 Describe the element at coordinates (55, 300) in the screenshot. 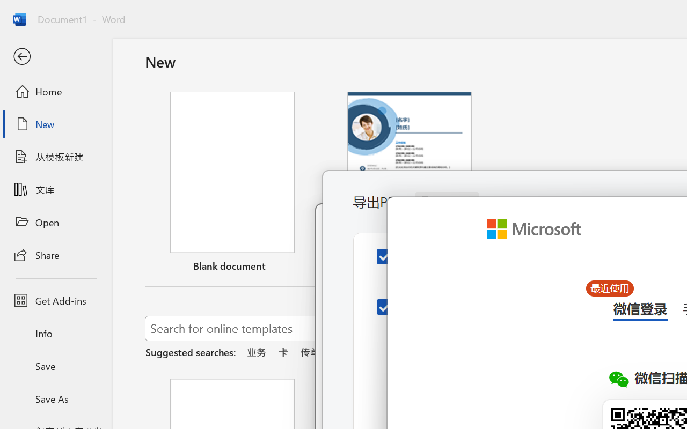

I see `'Get Add-ins'` at that location.